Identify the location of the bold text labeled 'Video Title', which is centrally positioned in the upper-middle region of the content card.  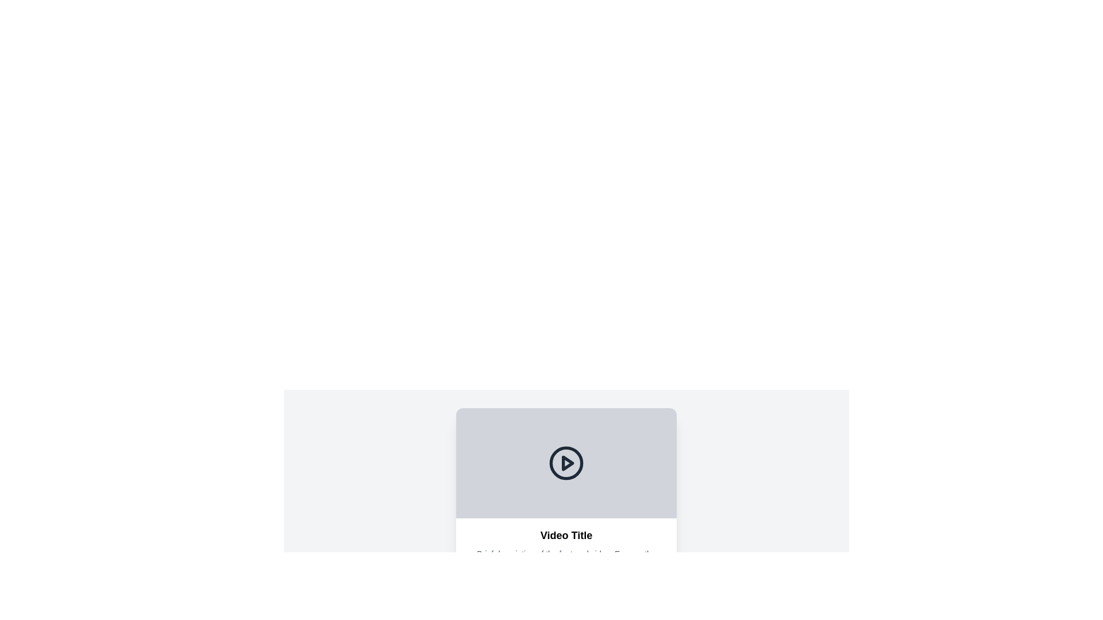
(566, 536).